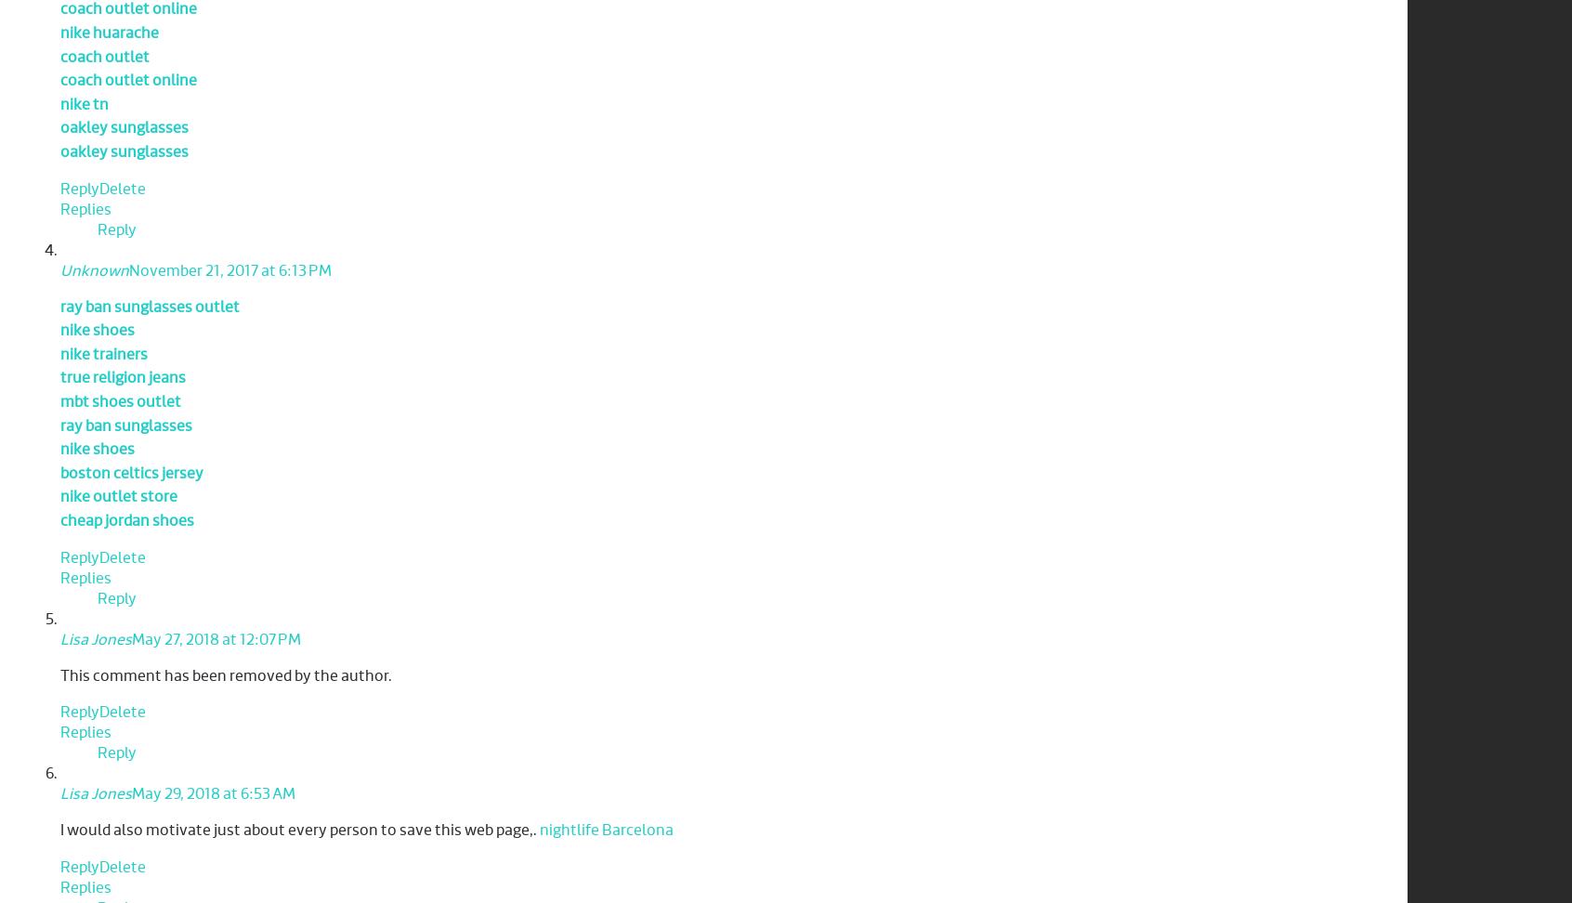 This screenshot has width=1572, height=903. What do you see at coordinates (129, 270) in the screenshot?
I see `'November 21, 2017 at 6:13 PM'` at bounding box center [129, 270].